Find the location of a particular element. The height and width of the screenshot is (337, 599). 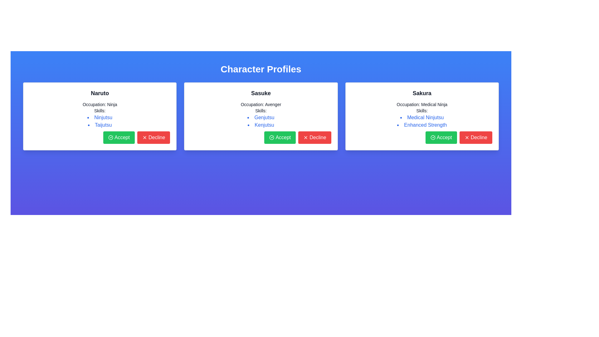

the bolded, large-font text displaying 'Sasuke' located at the top of the middle panel in a card-style component is located at coordinates (261, 93).